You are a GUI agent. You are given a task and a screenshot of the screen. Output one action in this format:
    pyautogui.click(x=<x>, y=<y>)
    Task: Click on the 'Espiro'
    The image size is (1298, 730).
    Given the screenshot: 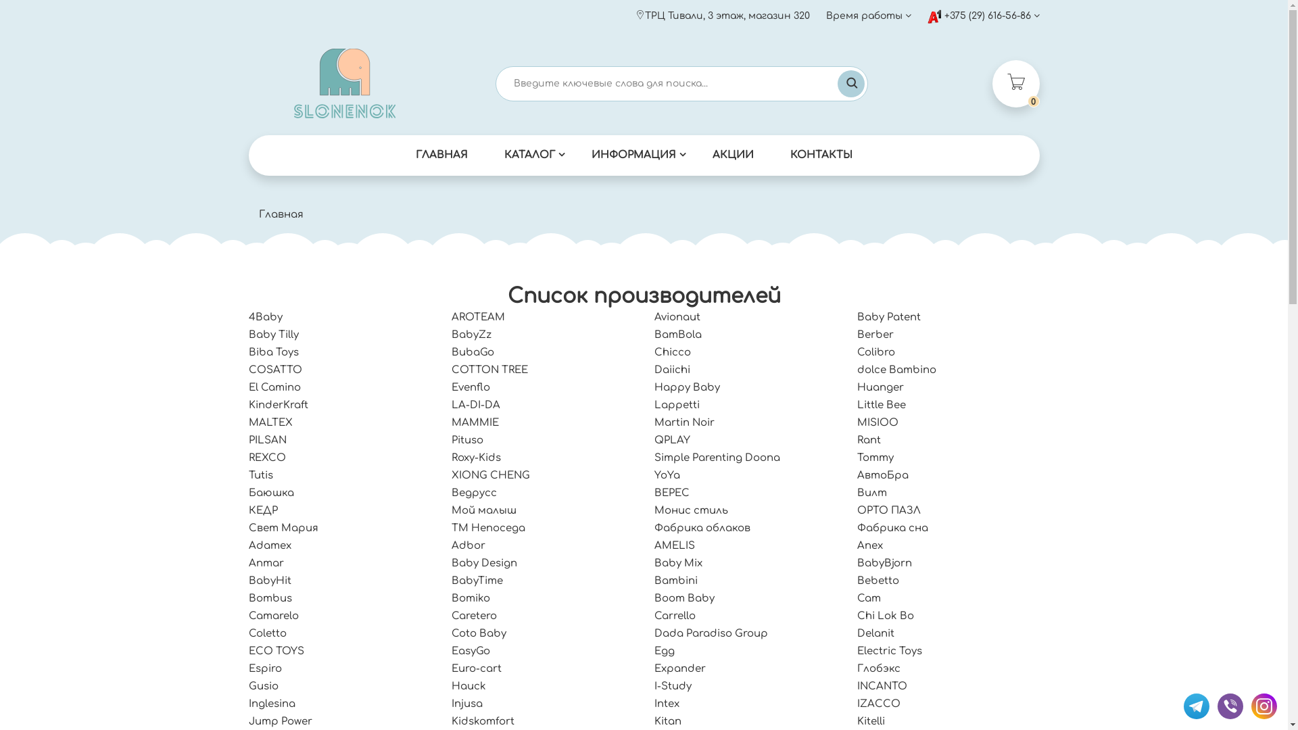 What is the action you would take?
    pyautogui.click(x=265, y=668)
    